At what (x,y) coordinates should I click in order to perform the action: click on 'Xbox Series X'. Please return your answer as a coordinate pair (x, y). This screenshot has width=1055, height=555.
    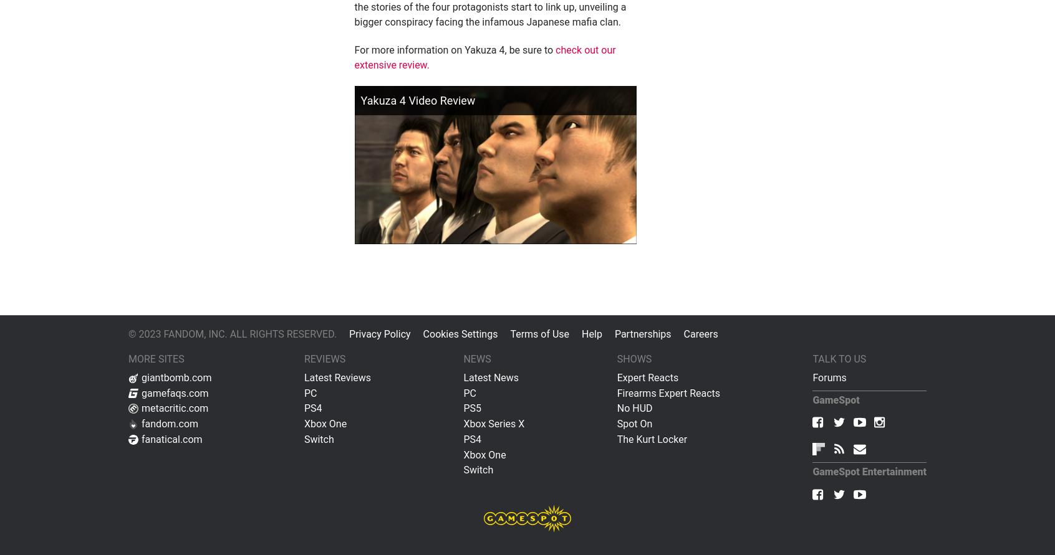
    Looking at the image, I should click on (462, 423).